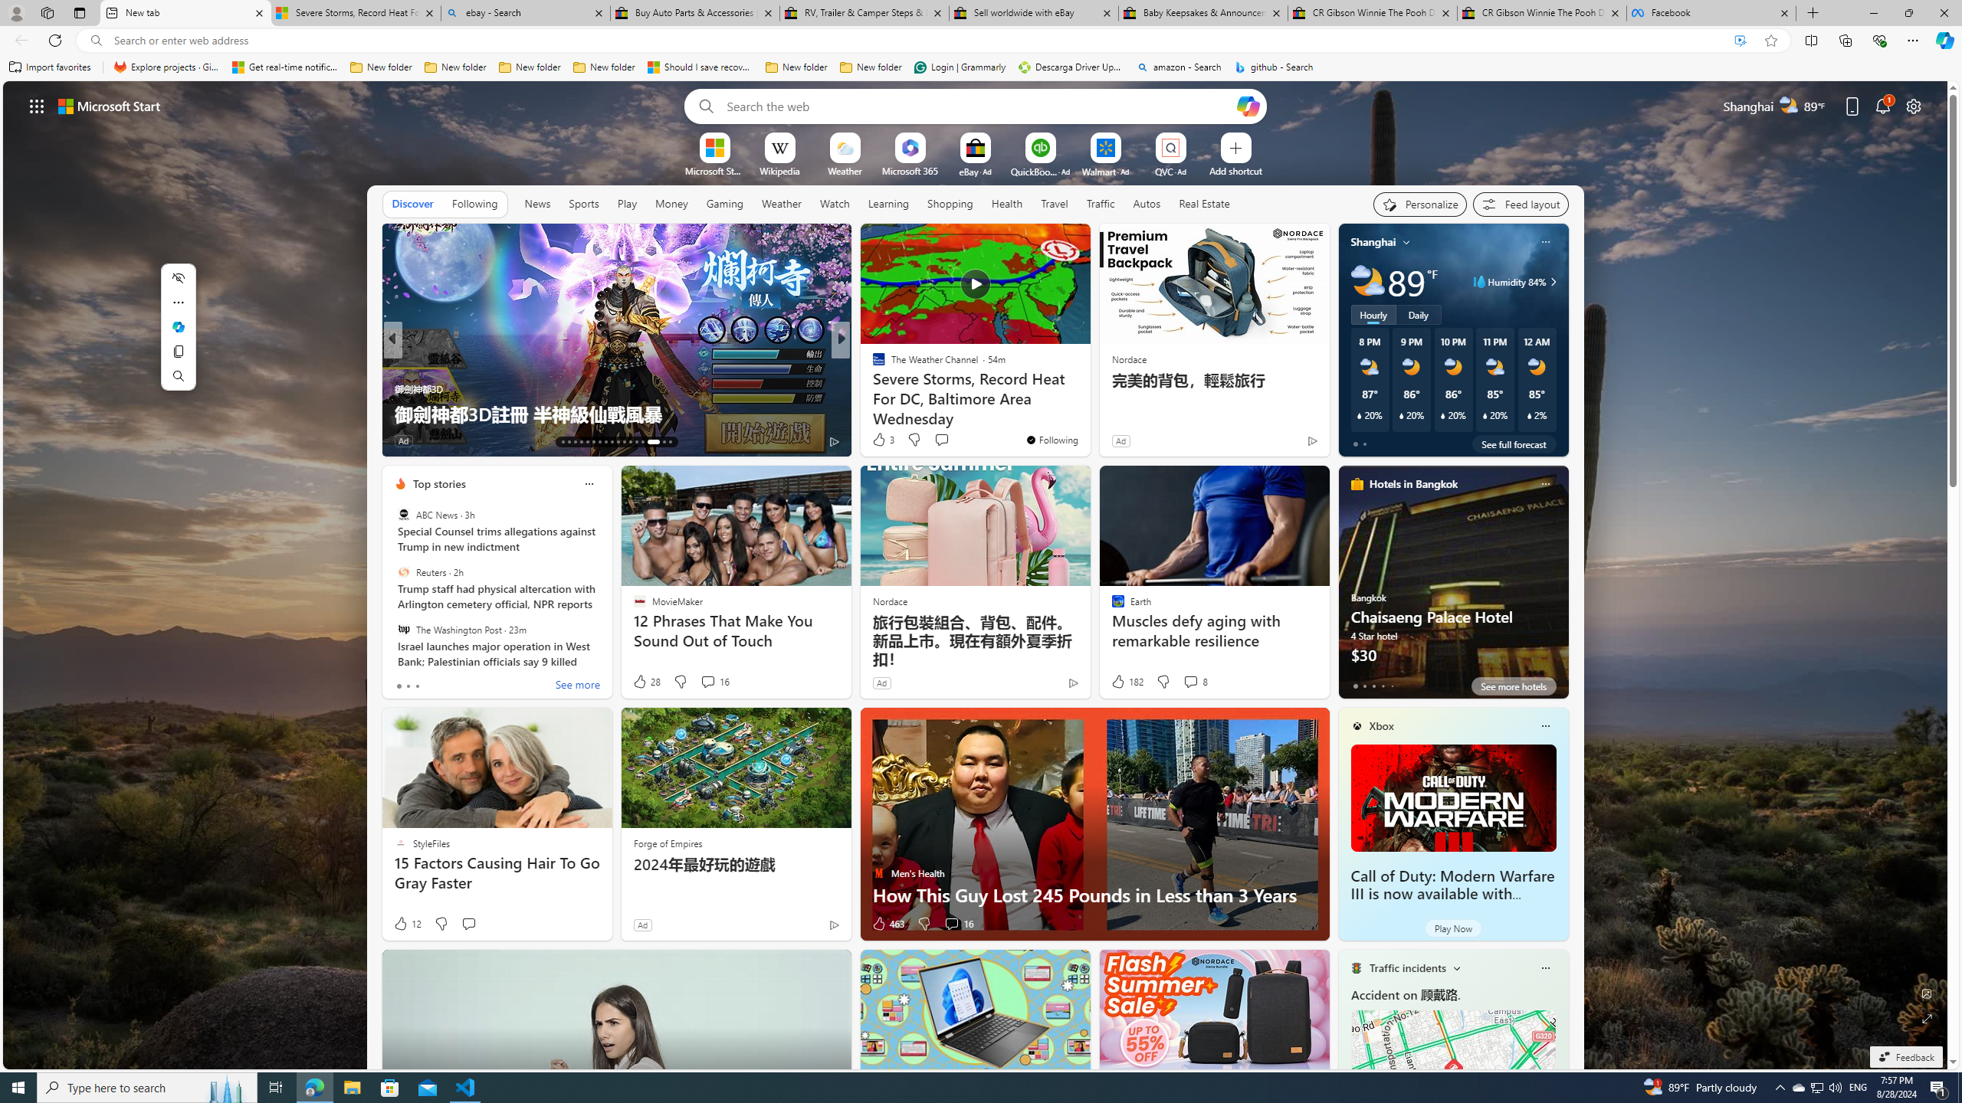  What do you see at coordinates (879, 440) in the screenshot?
I see `'99 Like'` at bounding box center [879, 440].